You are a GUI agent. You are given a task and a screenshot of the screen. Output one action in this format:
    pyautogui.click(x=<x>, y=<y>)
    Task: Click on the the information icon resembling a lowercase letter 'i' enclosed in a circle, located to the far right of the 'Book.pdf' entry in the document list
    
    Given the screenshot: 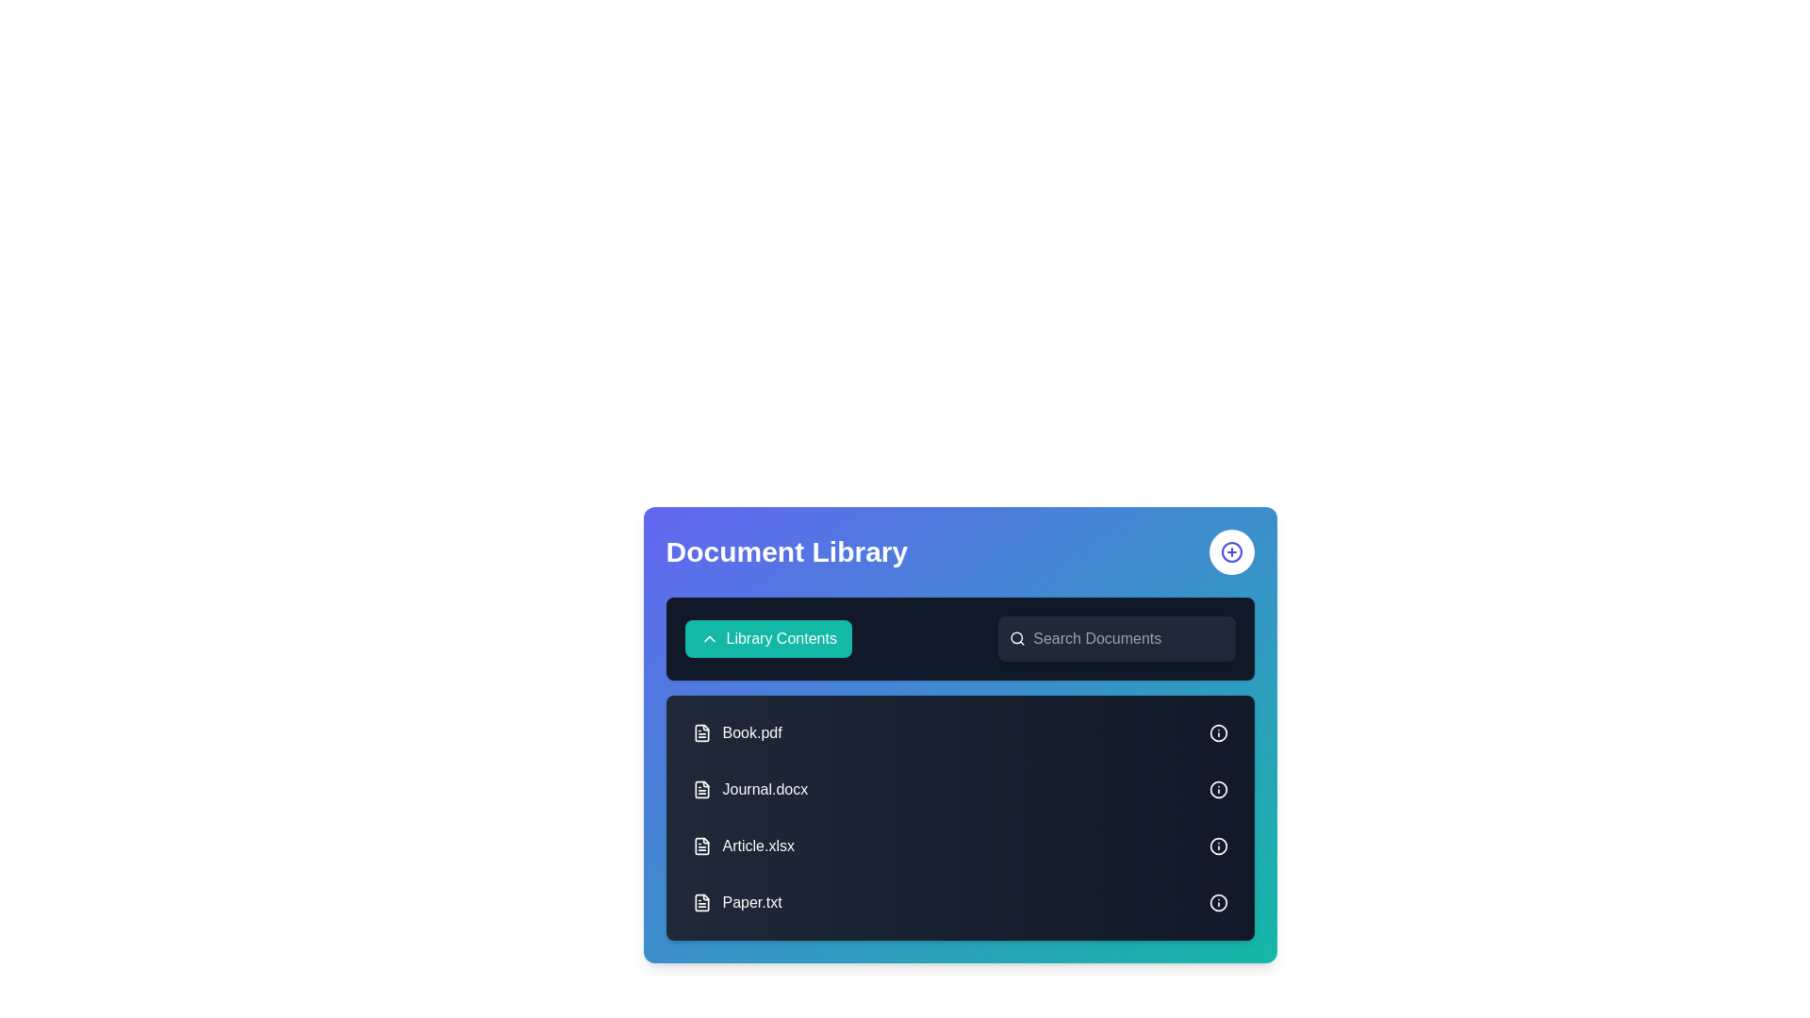 What is the action you would take?
    pyautogui.click(x=1218, y=732)
    